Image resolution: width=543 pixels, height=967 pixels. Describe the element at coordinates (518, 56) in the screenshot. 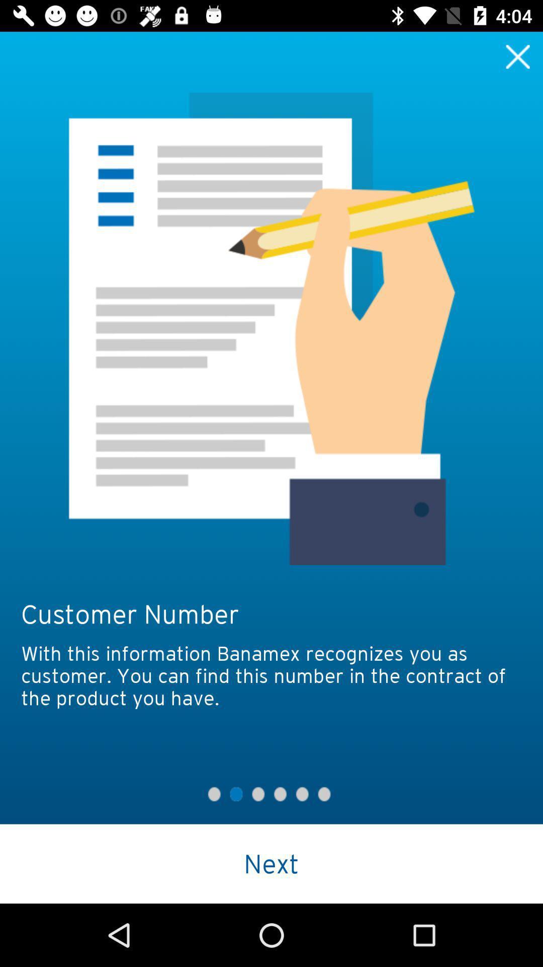

I see `page` at that location.